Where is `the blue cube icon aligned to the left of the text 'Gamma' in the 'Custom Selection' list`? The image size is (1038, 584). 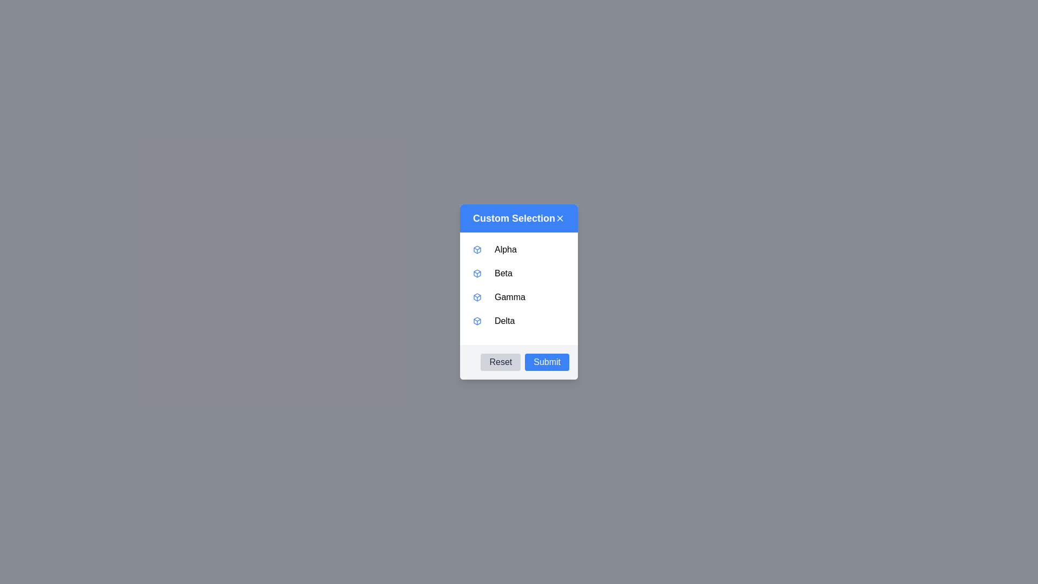 the blue cube icon aligned to the left of the text 'Gamma' in the 'Custom Selection' list is located at coordinates (477, 297).